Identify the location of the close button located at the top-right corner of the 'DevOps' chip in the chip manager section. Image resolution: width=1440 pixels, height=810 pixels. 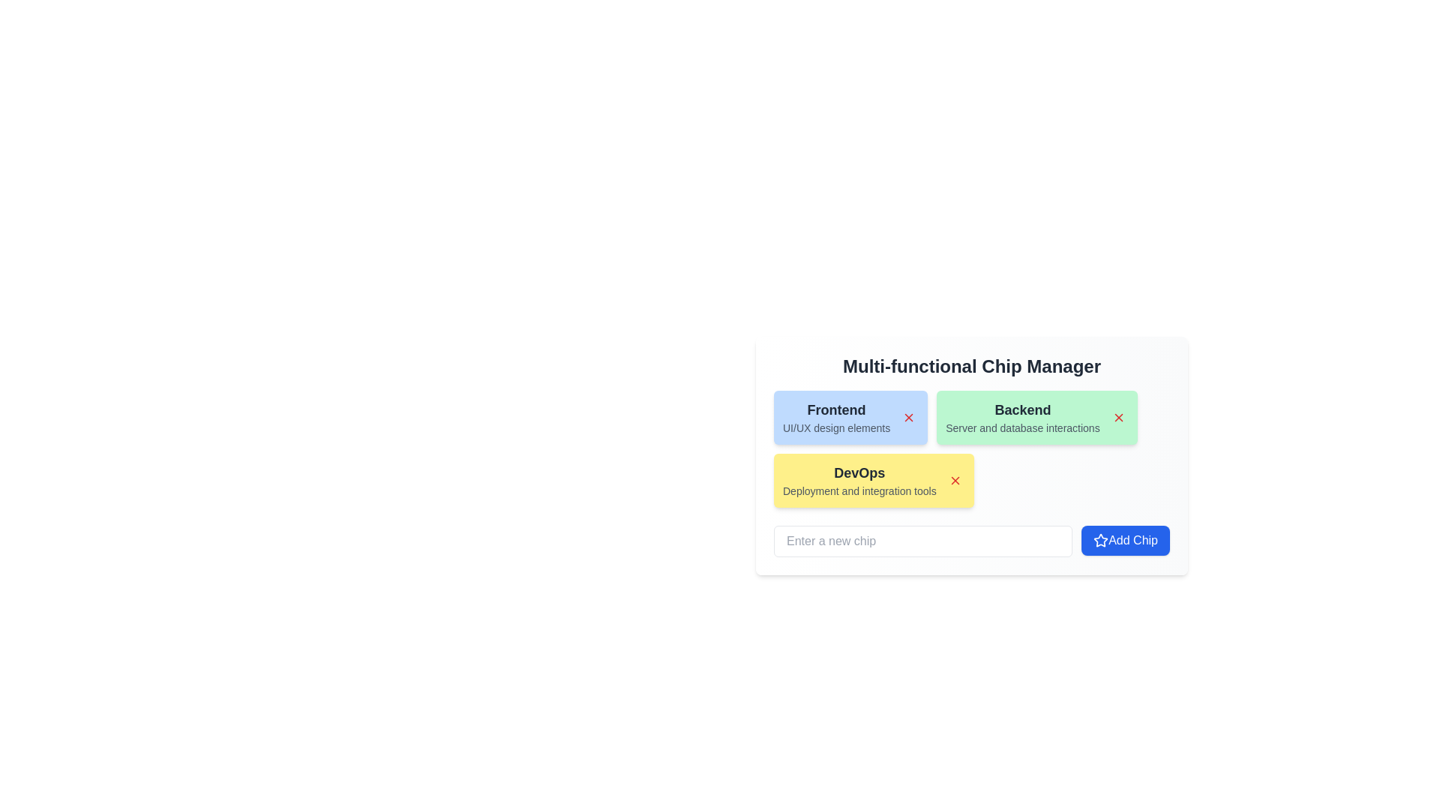
(954, 480).